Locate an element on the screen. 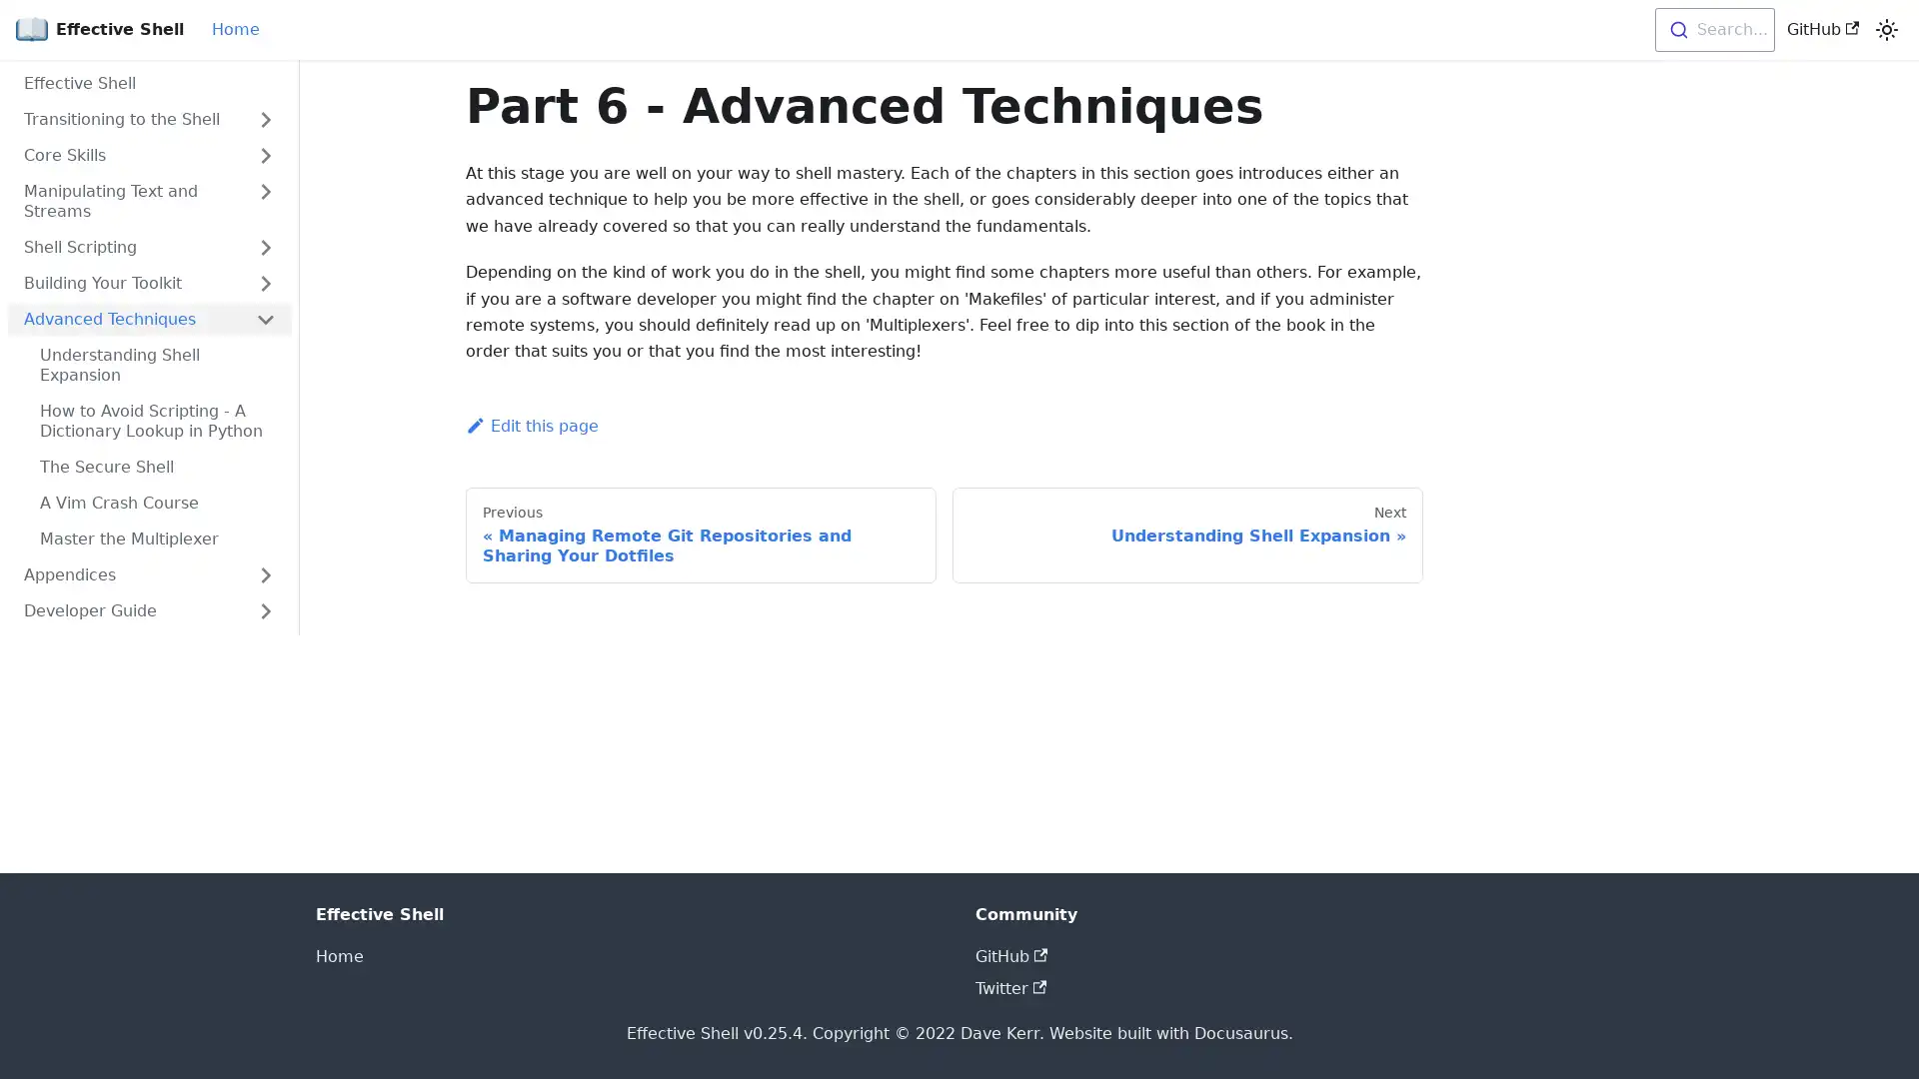 The height and width of the screenshot is (1079, 1919). Toggle the collapsible sidebar category 'Building Your Toolkit' is located at coordinates (264, 284).